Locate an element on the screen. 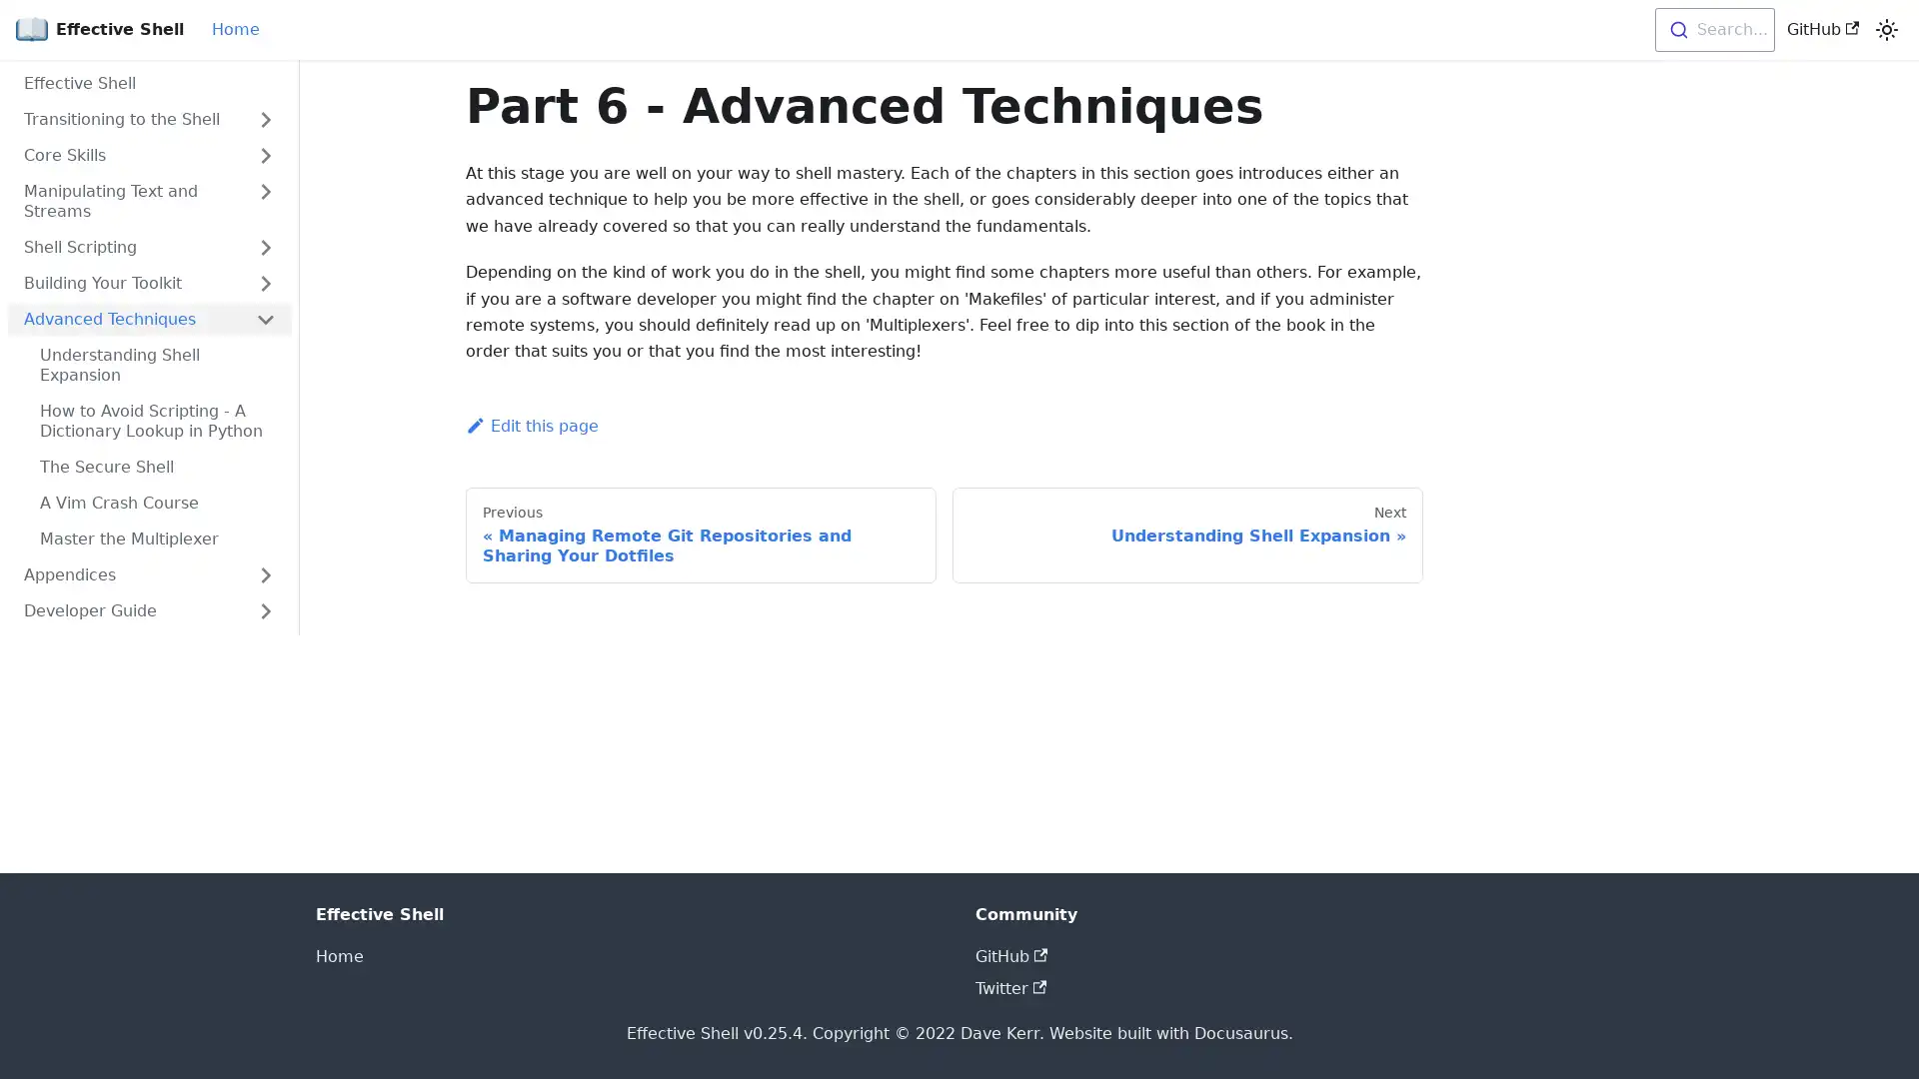 The height and width of the screenshot is (1079, 1919). Toggle the collapsible sidebar category 'Building Your Toolkit' is located at coordinates (264, 284).